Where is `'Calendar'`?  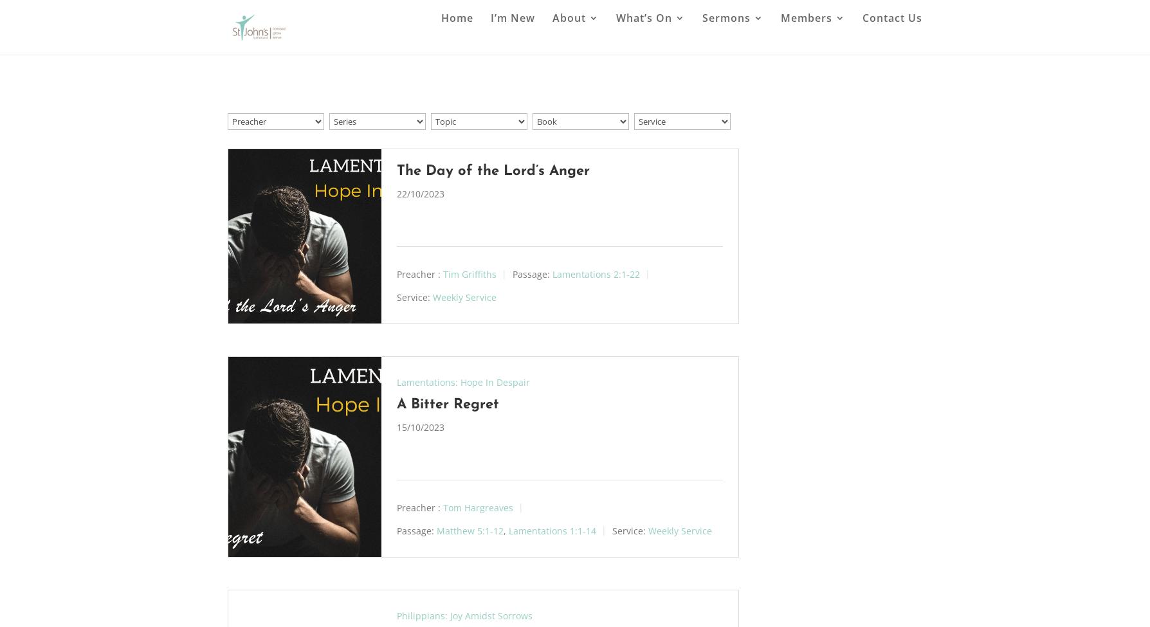 'Calendar' is located at coordinates (666, 127).